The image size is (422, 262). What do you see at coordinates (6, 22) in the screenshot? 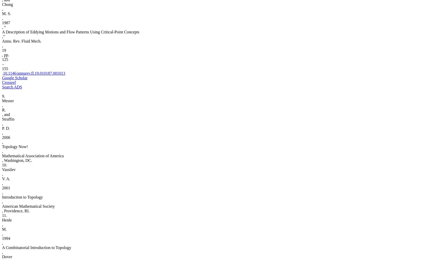
I see `'1987'` at bounding box center [6, 22].